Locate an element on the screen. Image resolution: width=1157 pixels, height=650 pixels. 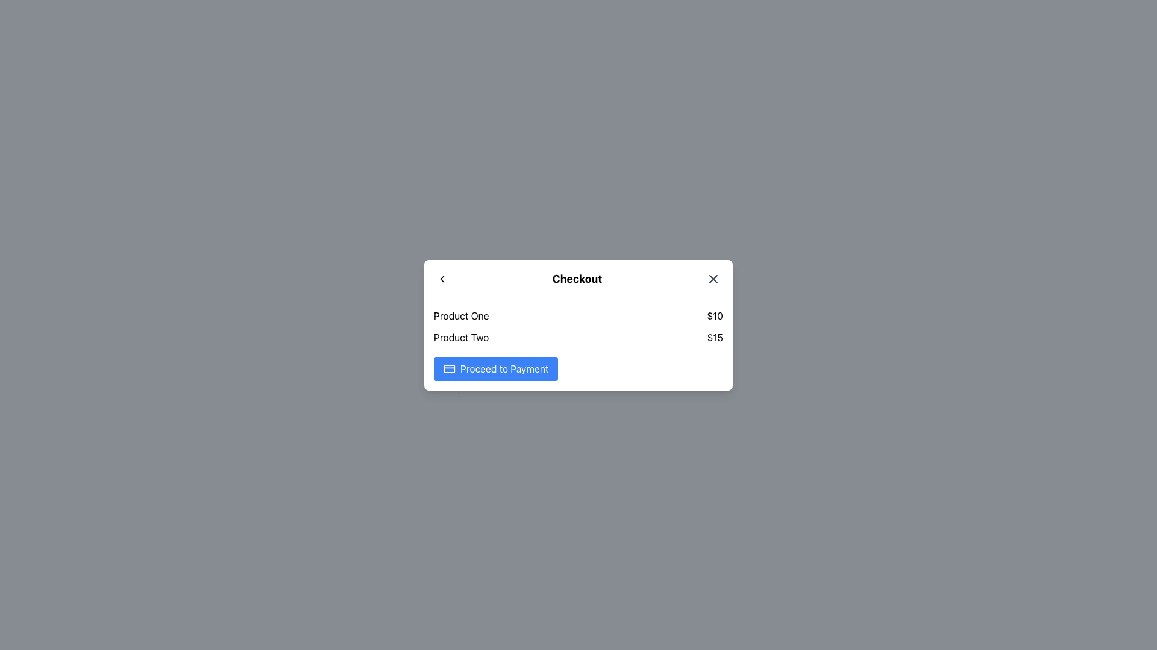
the back button icon in the upper-left corner of the popup dialogue interface is located at coordinates (442, 279).